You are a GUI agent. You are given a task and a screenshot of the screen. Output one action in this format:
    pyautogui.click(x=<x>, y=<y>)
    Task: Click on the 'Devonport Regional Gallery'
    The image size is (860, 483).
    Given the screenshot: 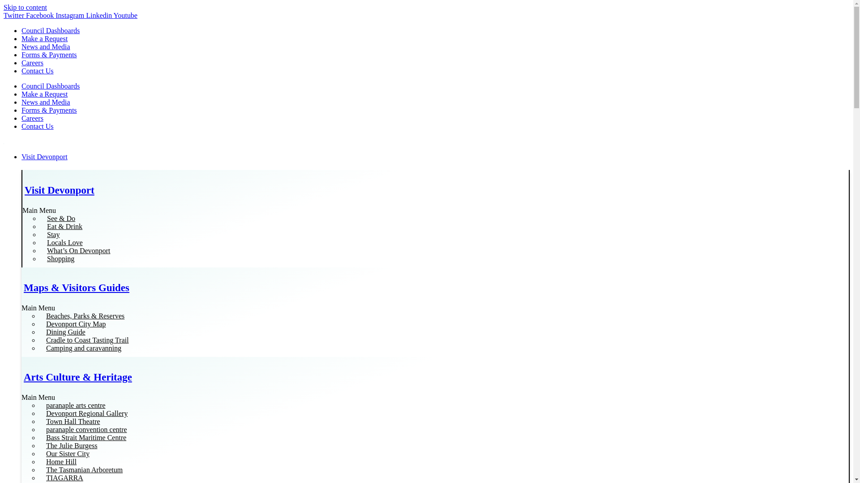 What is the action you would take?
    pyautogui.click(x=39, y=413)
    